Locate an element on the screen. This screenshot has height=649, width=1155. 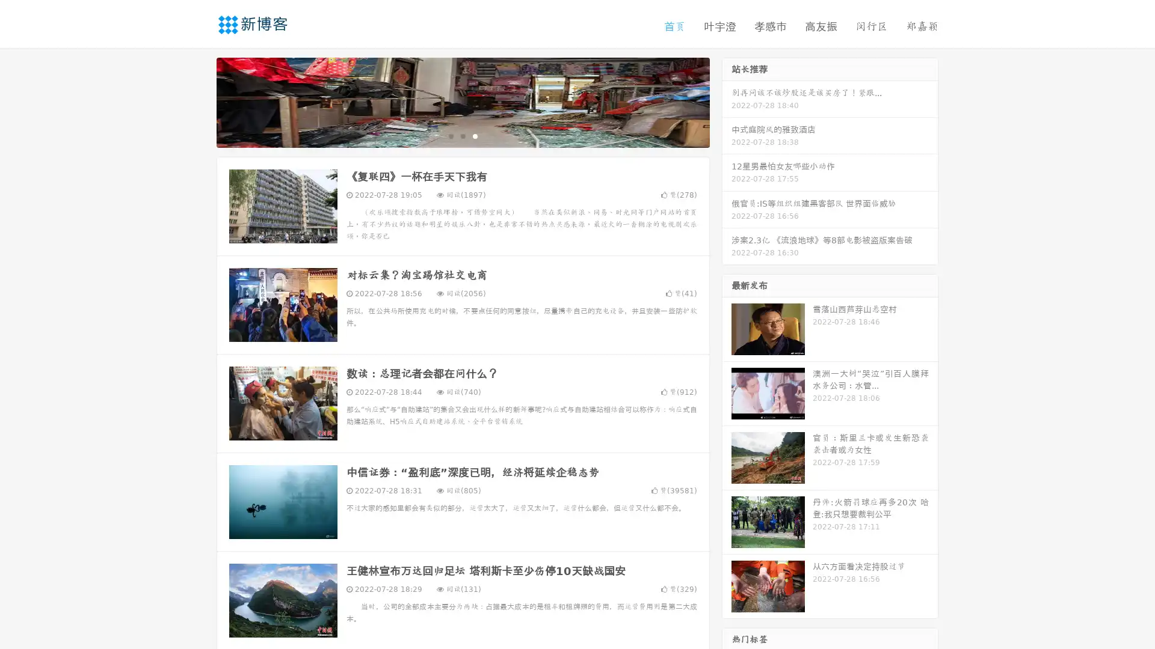
Previous slide is located at coordinates (199, 101).